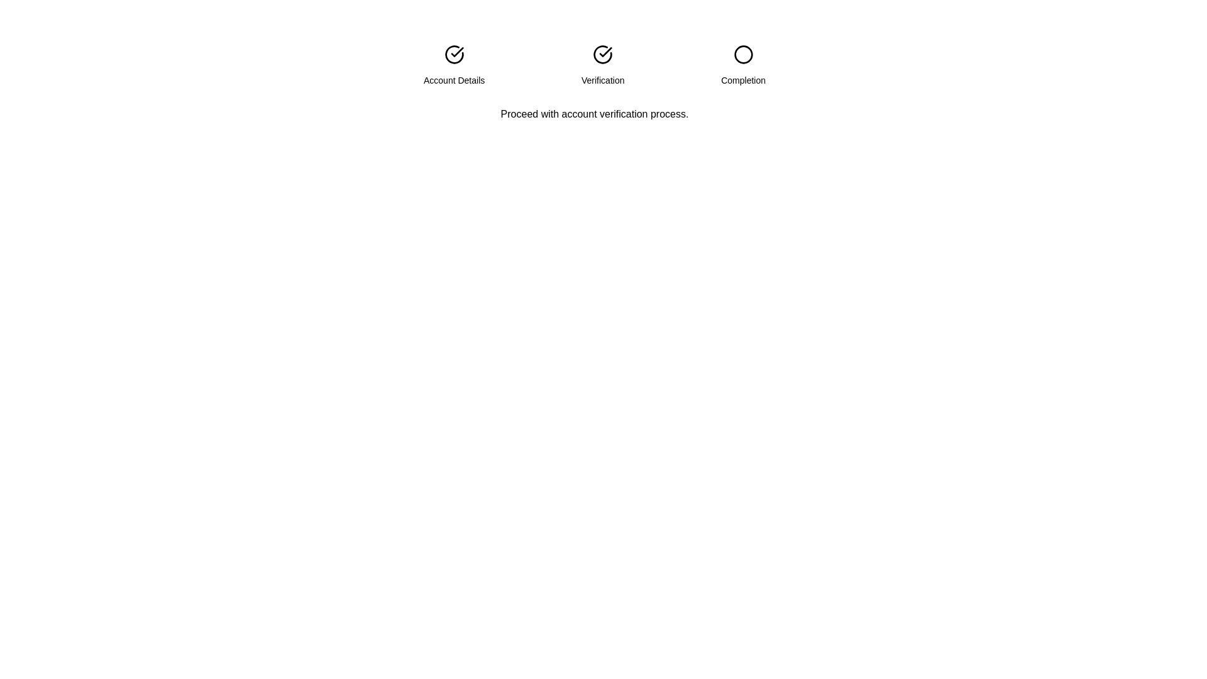  What do you see at coordinates (593, 114) in the screenshot?
I see `text label displaying the message 'Proceed with account verification process.' located below the step indicator component` at bounding box center [593, 114].